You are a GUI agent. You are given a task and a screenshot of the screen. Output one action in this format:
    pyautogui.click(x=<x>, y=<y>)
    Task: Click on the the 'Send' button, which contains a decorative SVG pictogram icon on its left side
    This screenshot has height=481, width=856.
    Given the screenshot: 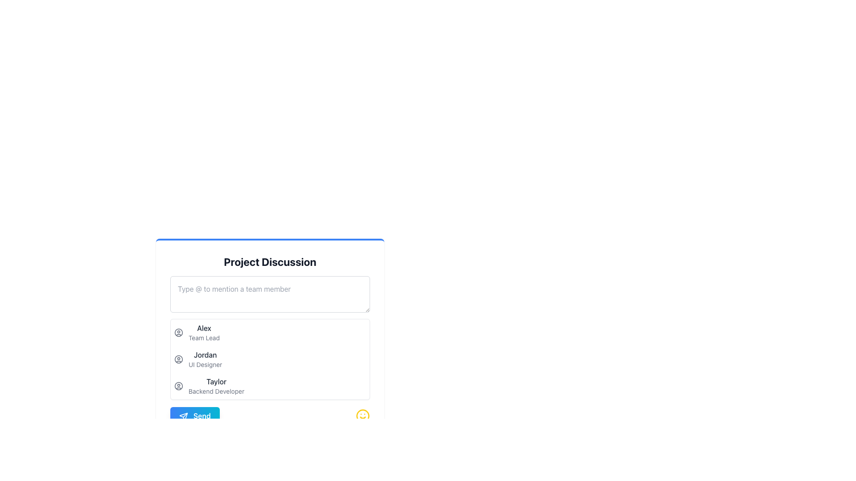 What is the action you would take?
    pyautogui.click(x=183, y=416)
    